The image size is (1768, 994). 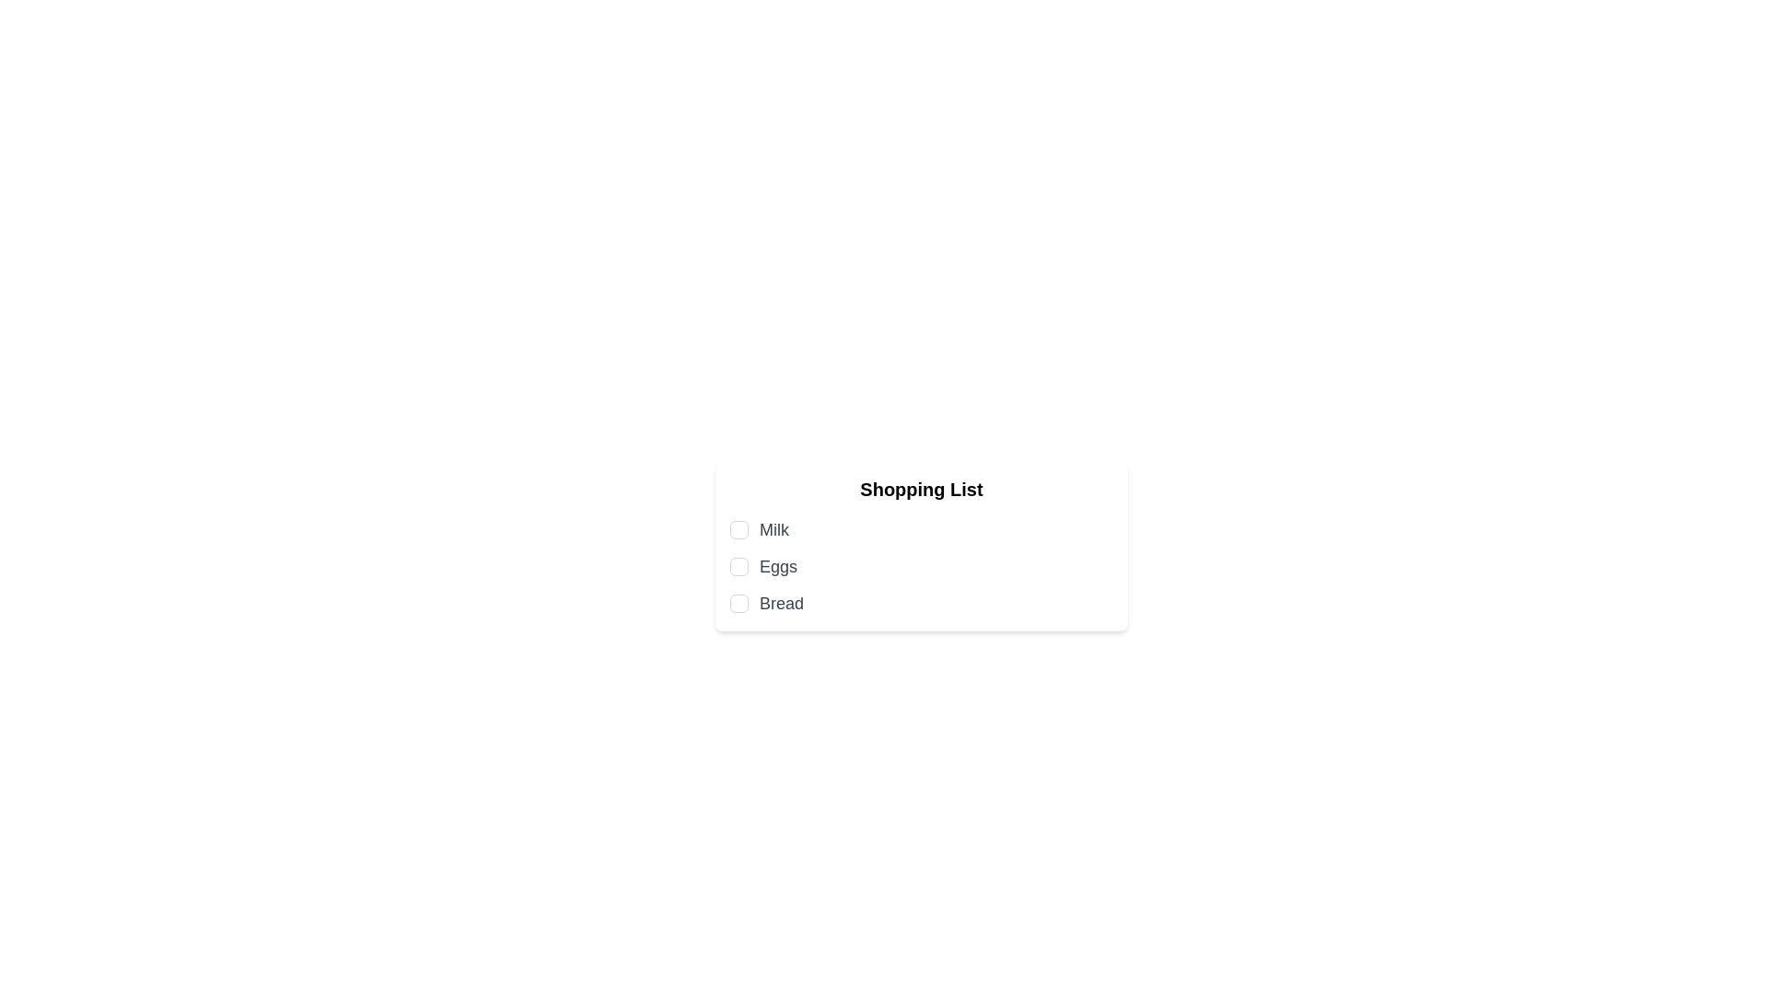 I want to click on the text label indicating a selectable option in the shopping list, which is the third item under the 'Shopping List' header, so click(x=782, y=603).